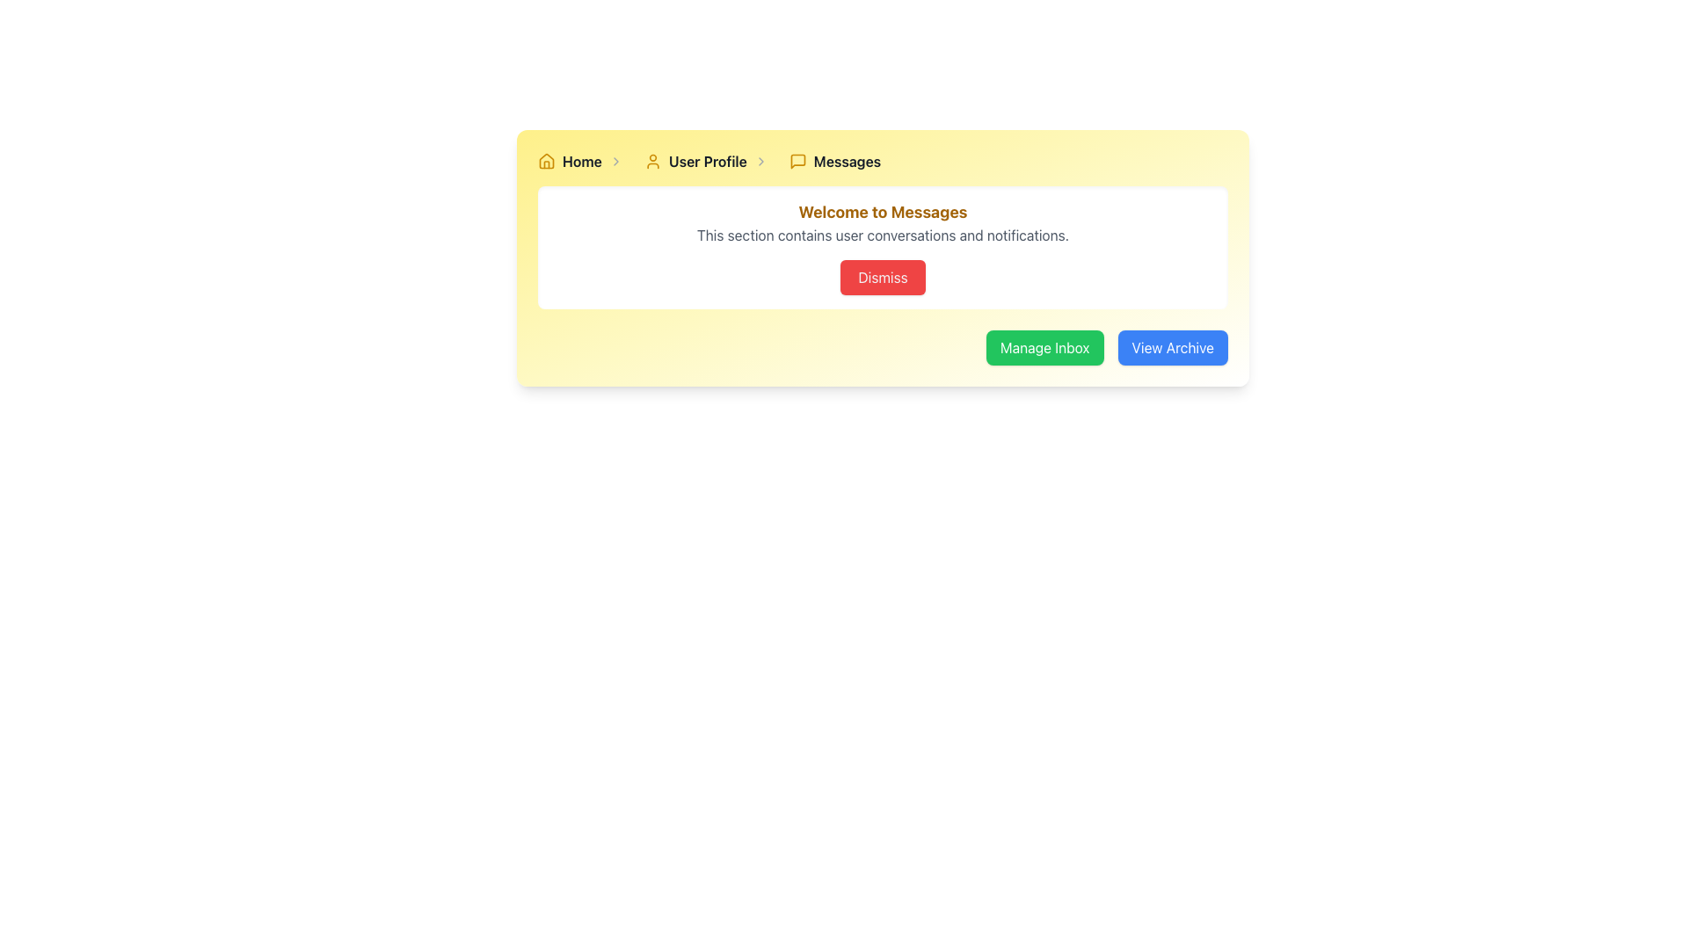  Describe the element at coordinates (546, 162) in the screenshot. I see `the small yellow house-shaped icon representing 'Home'` at that location.